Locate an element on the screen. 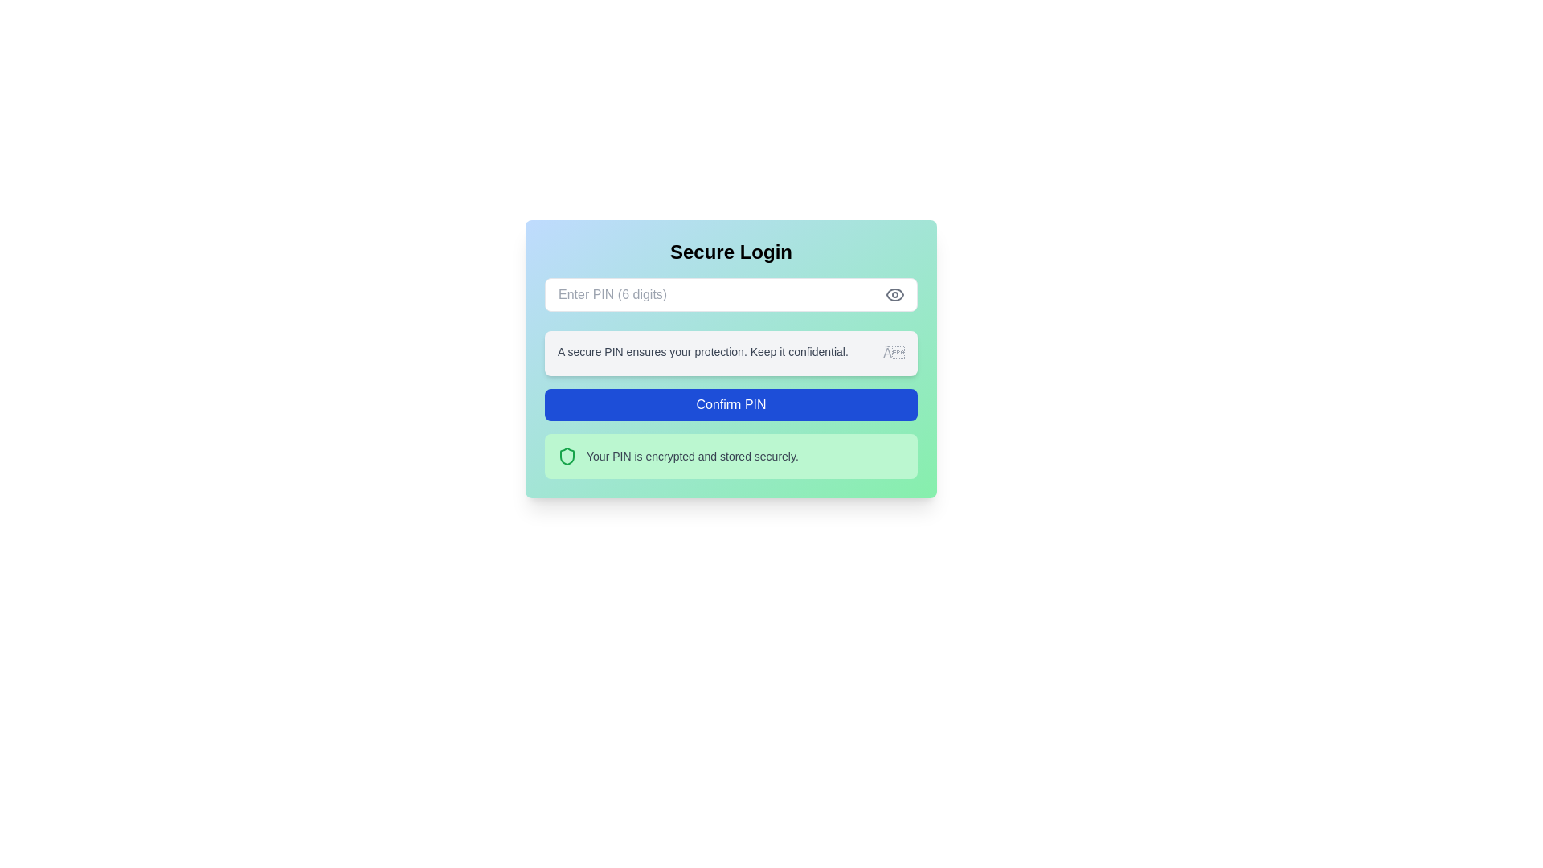  the visibility toggle icon located to the right of the PIN input field is located at coordinates (894, 294).